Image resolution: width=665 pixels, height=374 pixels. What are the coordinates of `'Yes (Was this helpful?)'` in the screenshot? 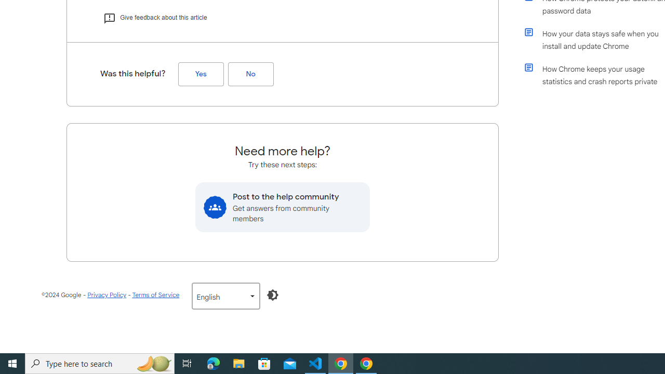 It's located at (201, 74).